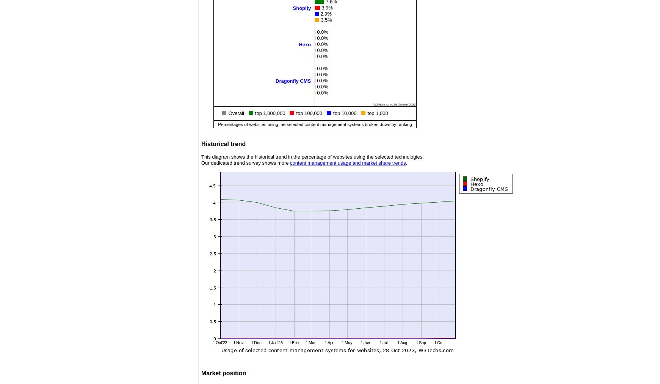  I want to click on '2.9%', so click(325, 13).